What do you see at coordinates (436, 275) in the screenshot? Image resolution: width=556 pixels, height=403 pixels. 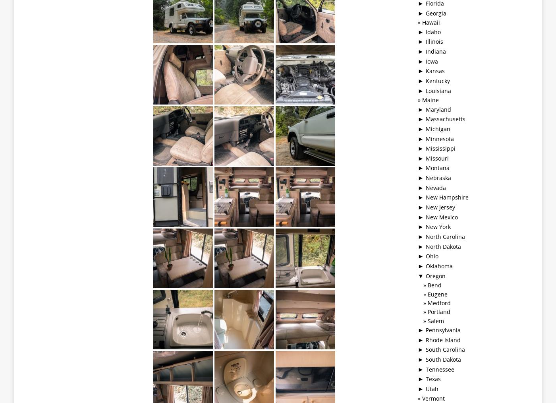 I see `'Oregon'` at bounding box center [436, 275].